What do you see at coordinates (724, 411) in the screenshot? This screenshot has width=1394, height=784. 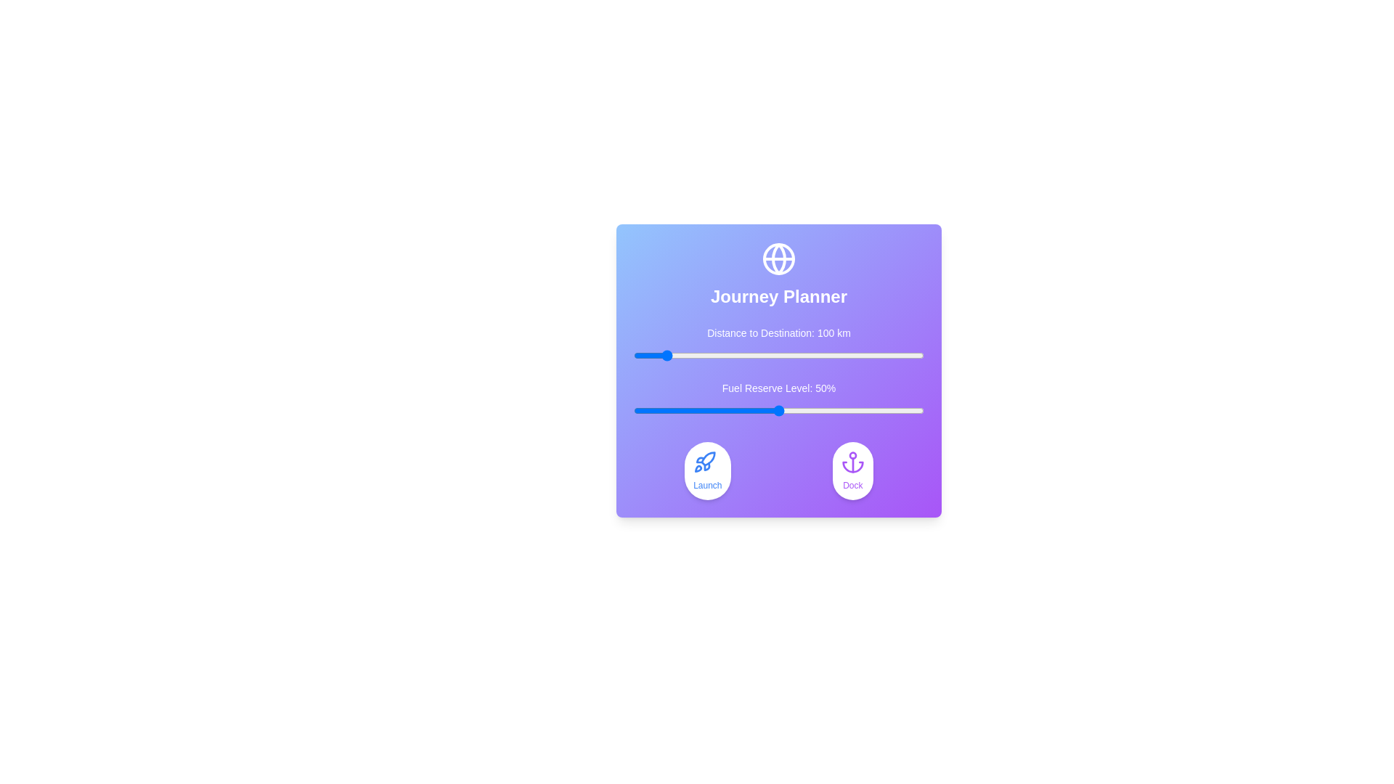 I see `the fuel reserve slider to 31%` at bounding box center [724, 411].